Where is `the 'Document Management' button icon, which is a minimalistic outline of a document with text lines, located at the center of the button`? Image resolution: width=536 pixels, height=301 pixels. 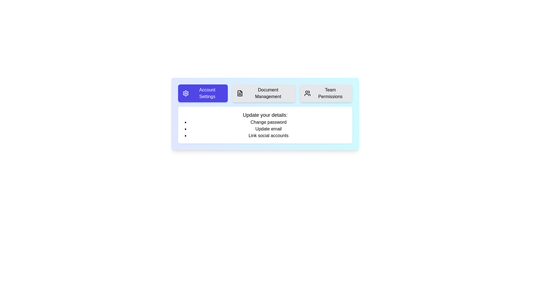
the 'Document Management' button icon, which is a minimalistic outline of a document with text lines, located at the center of the button is located at coordinates (240, 93).